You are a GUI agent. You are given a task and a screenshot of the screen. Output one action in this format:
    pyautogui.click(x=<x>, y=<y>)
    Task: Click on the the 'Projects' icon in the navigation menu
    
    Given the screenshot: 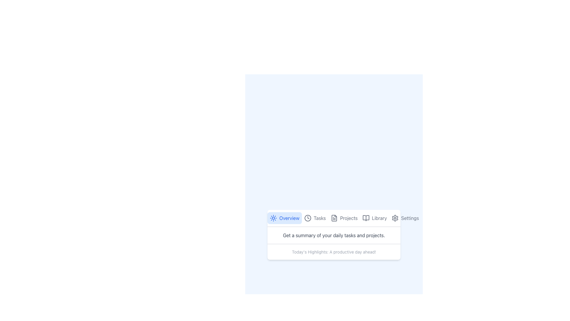 What is the action you would take?
    pyautogui.click(x=334, y=218)
    